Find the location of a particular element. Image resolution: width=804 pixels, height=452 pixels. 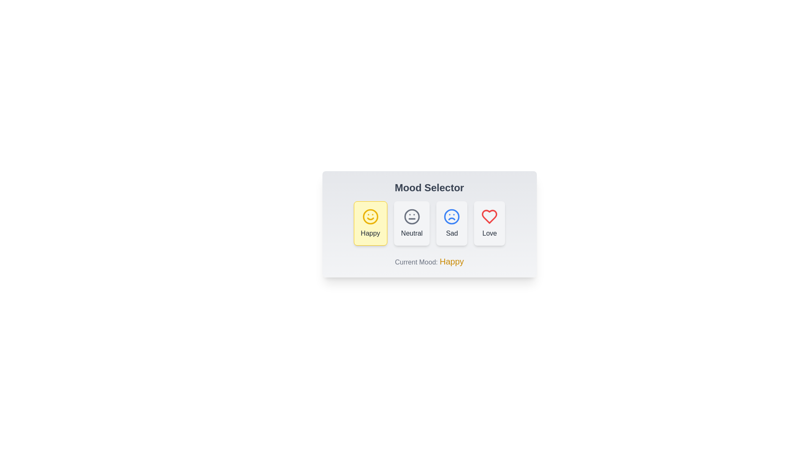

the mood button labeled Sad is located at coordinates (451, 223).